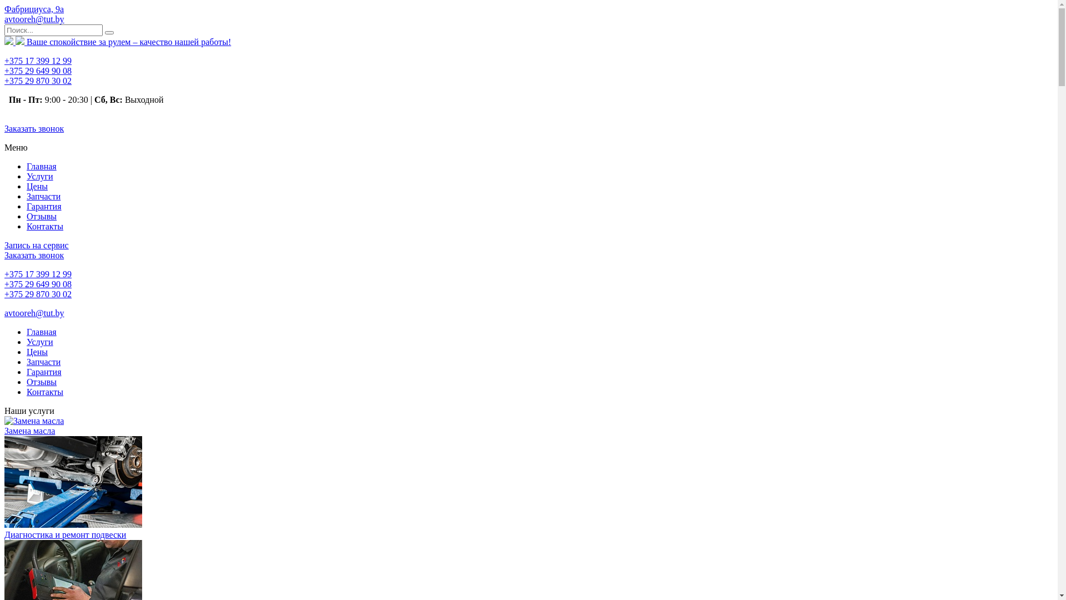 The image size is (1066, 600). What do you see at coordinates (38, 61) in the screenshot?
I see `'+375 17 399 12 99'` at bounding box center [38, 61].